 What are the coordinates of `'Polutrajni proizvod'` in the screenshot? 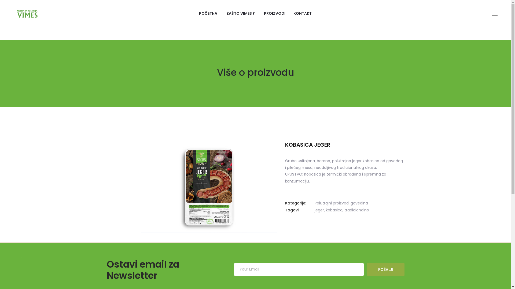 It's located at (331, 203).